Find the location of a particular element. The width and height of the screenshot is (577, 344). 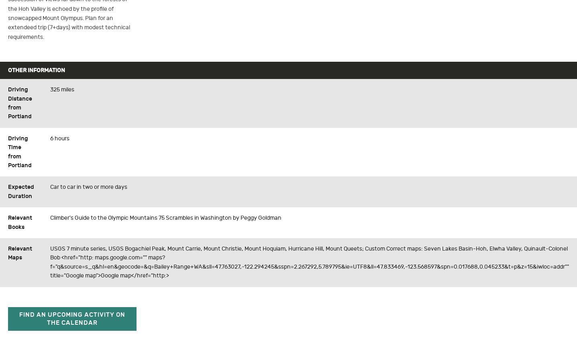

'Expected Duration' is located at coordinates (20, 191).